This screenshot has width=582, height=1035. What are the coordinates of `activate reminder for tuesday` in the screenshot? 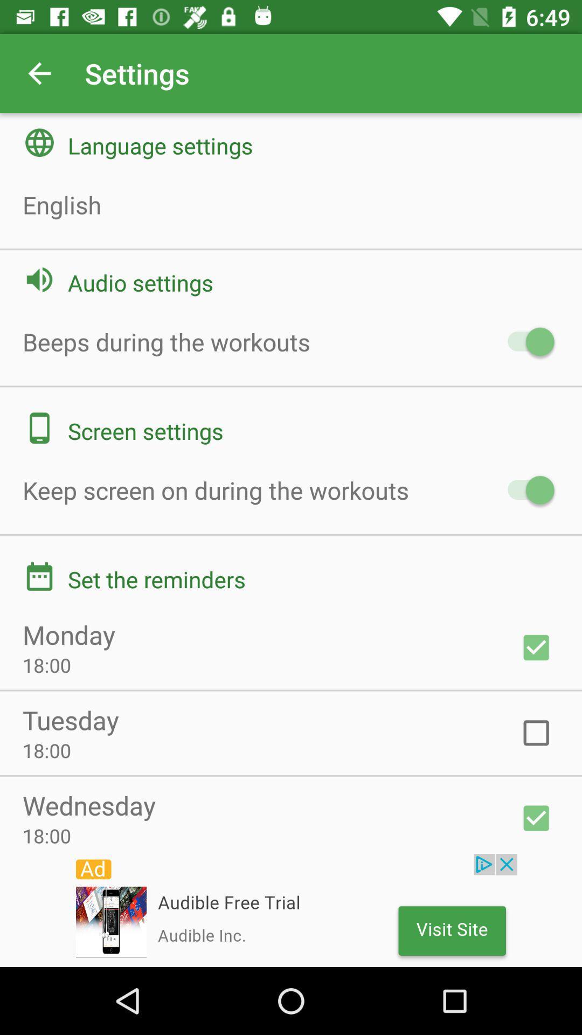 It's located at (536, 733).